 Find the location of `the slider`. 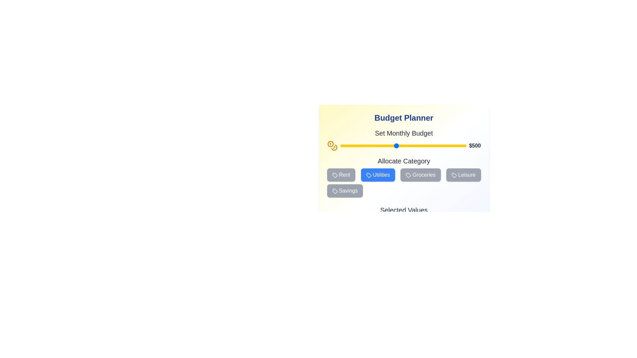

the slider is located at coordinates (371, 145).